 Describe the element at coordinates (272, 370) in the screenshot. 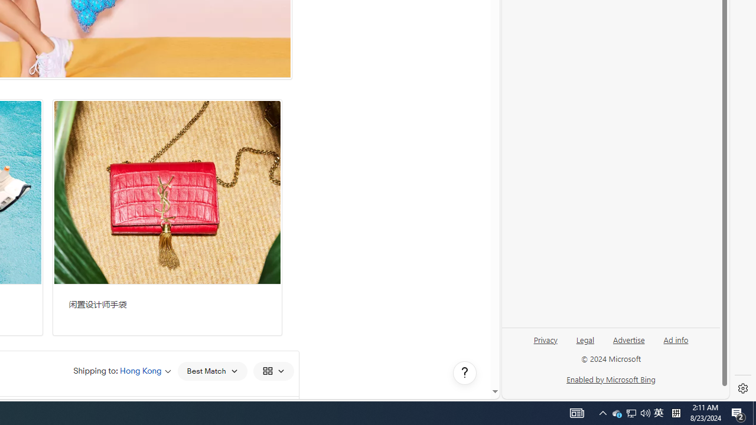

I see `'View: Gallery View'` at that location.